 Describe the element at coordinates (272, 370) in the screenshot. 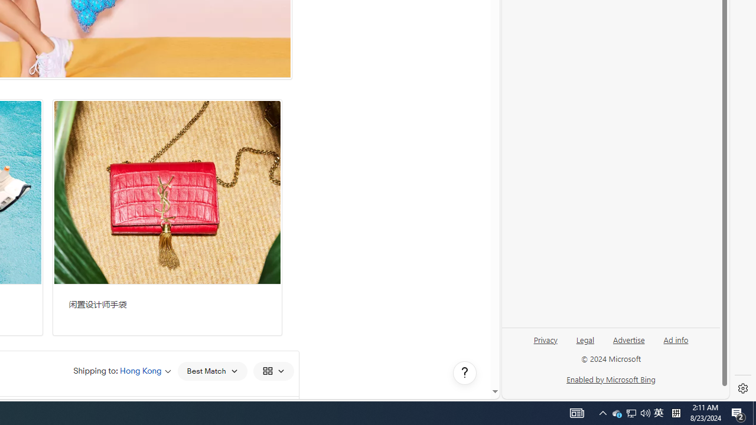

I see `'View: Gallery View'` at that location.